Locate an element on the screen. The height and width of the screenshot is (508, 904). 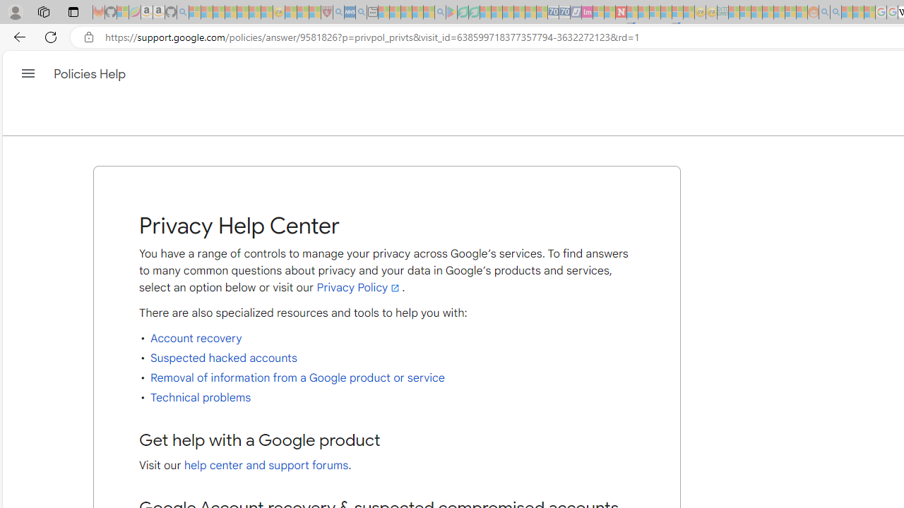
'Technical problems' is located at coordinates (200, 397).